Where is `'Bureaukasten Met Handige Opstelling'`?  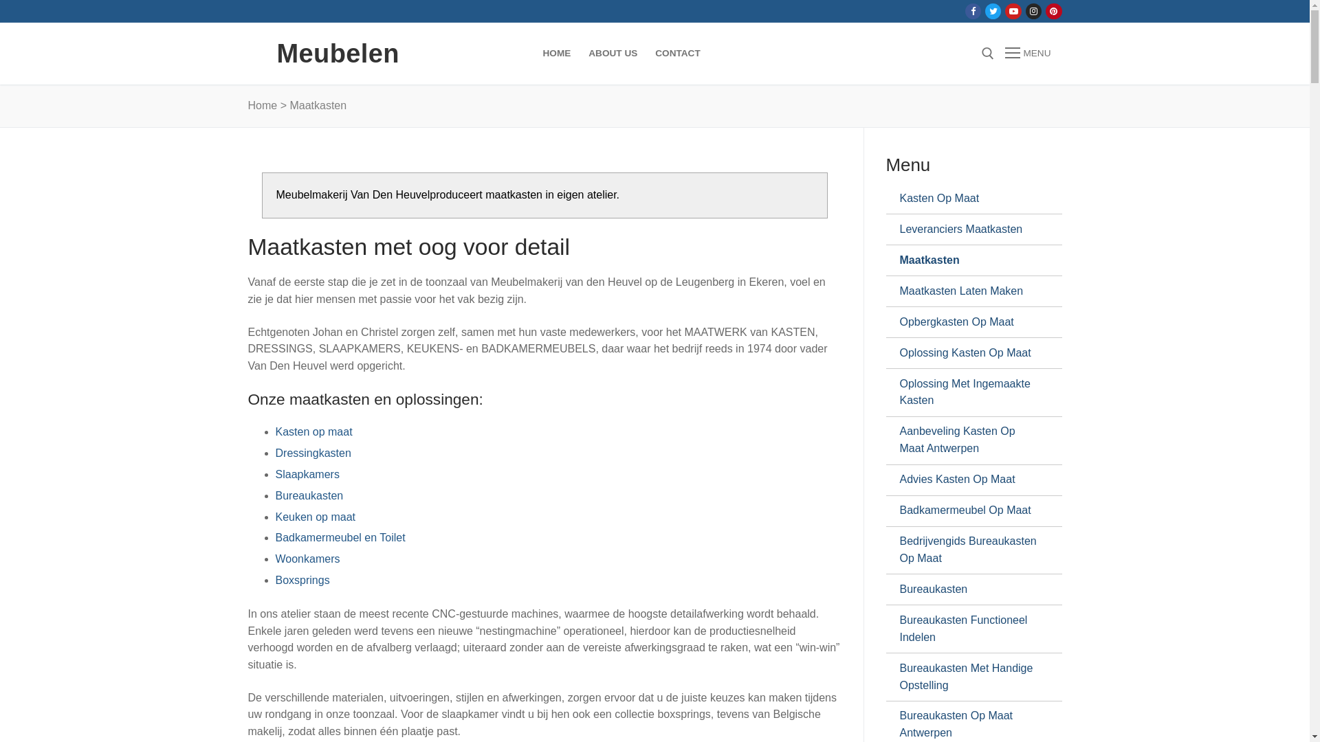 'Bureaukasten Met Handige Opstelling' is located at coordinates (899, 676).